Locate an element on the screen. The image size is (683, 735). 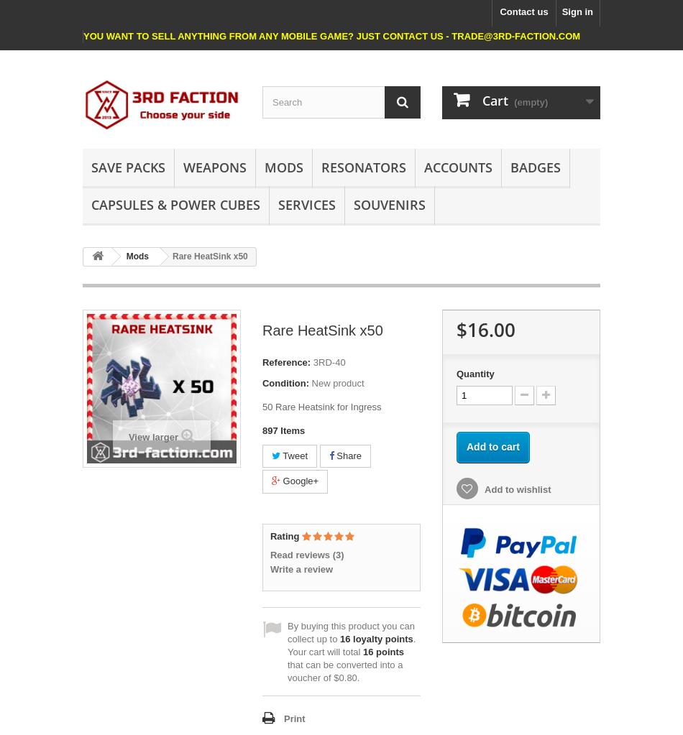
'Souvenirs' is located at coordinates (389, 203).